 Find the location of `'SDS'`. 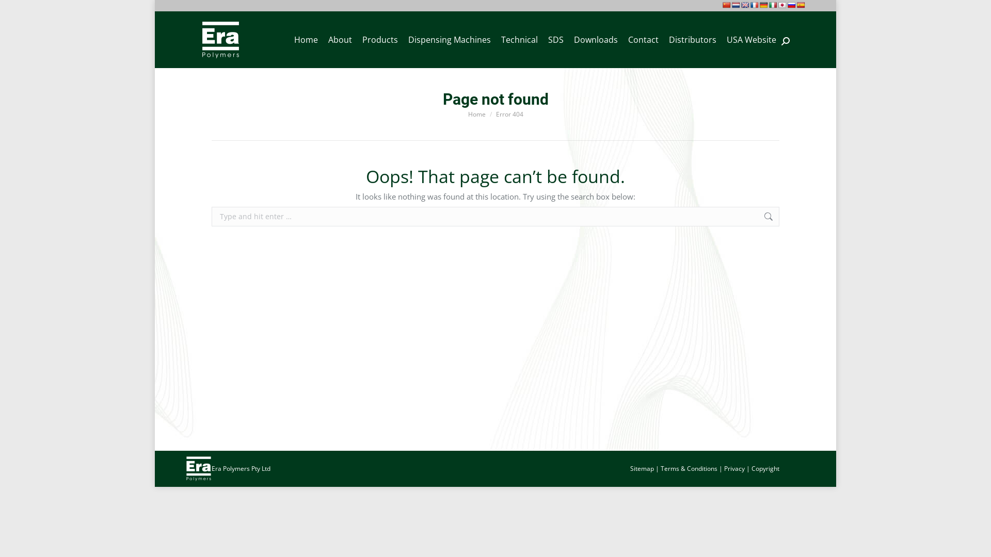

'SDS' is located at coordinates (542, 39).